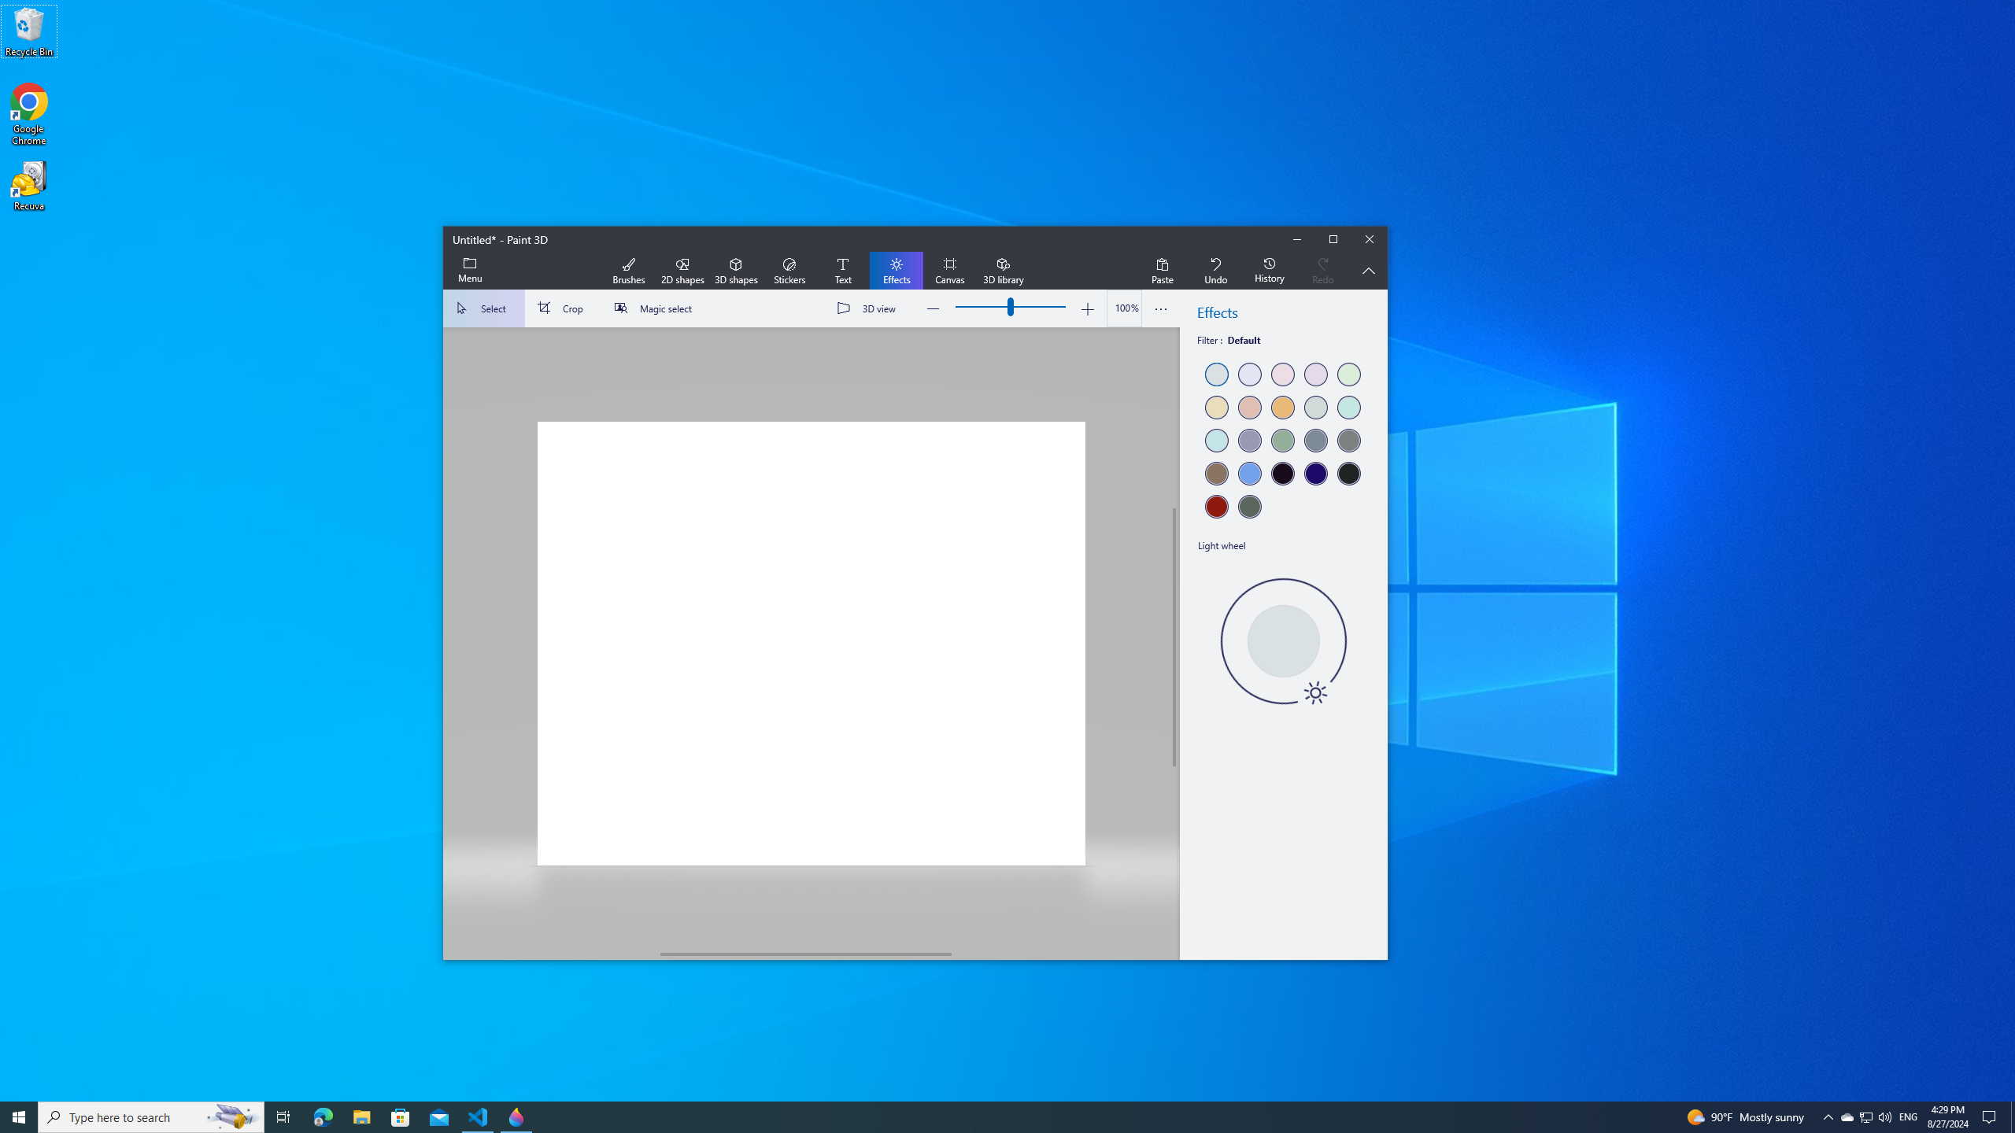 This screenshot has width=2015, height=1133. I want to click on 'Recycle Bin', so click(28, 30).